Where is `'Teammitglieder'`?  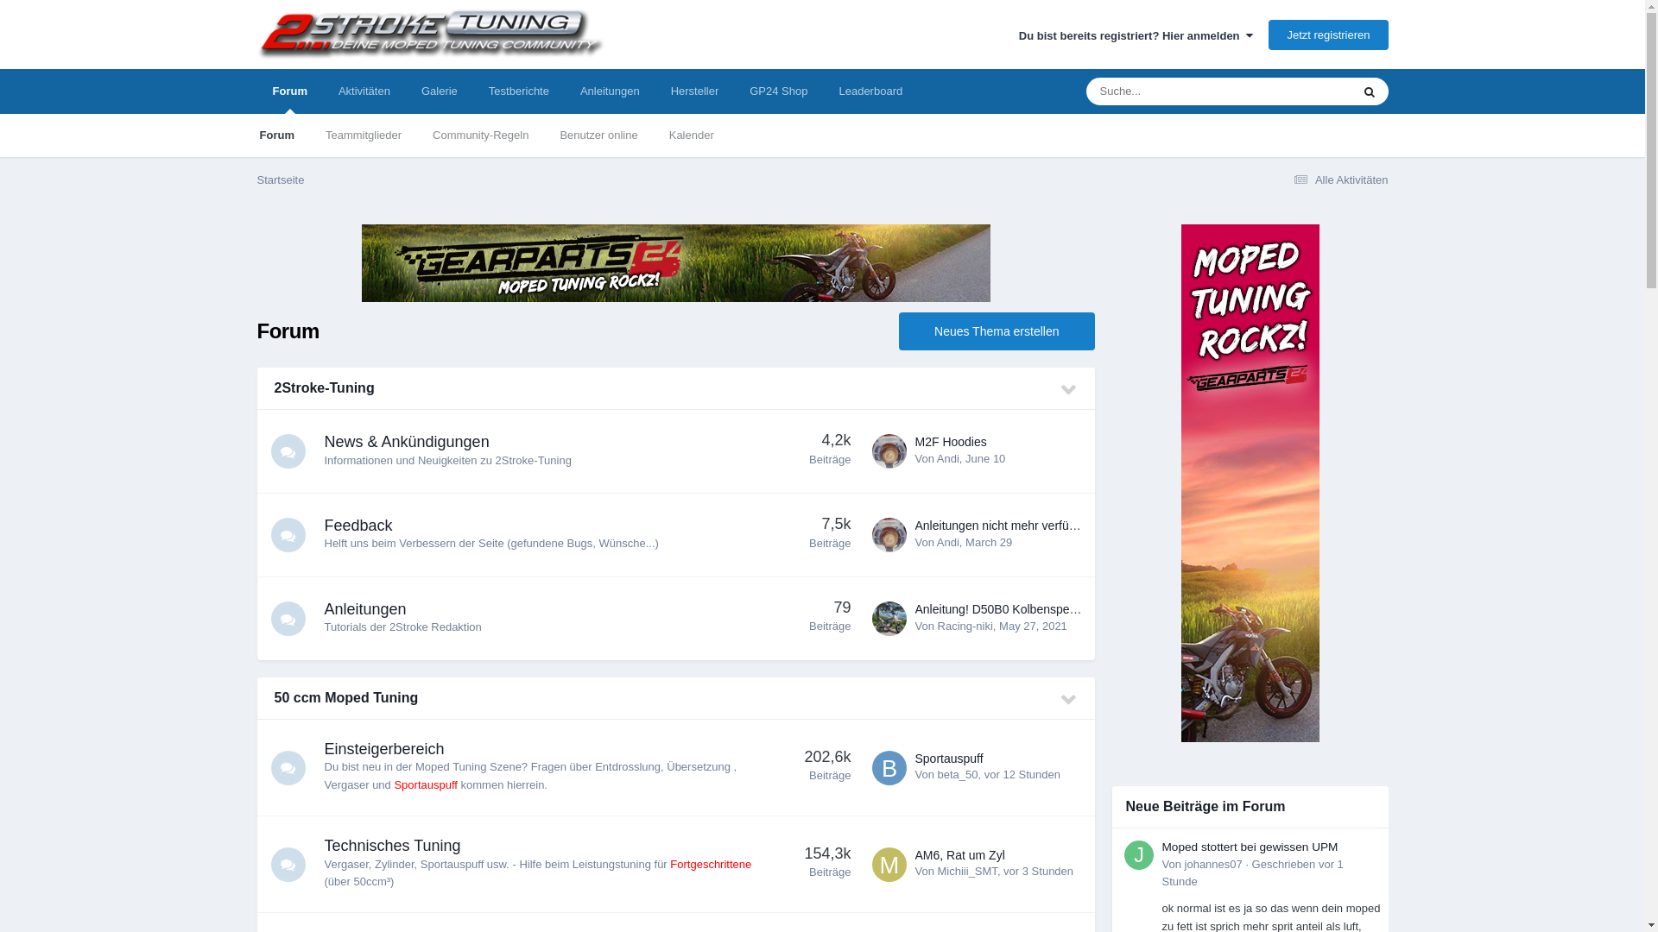 'Teammitglieder' is located at coordinates (363, 135).